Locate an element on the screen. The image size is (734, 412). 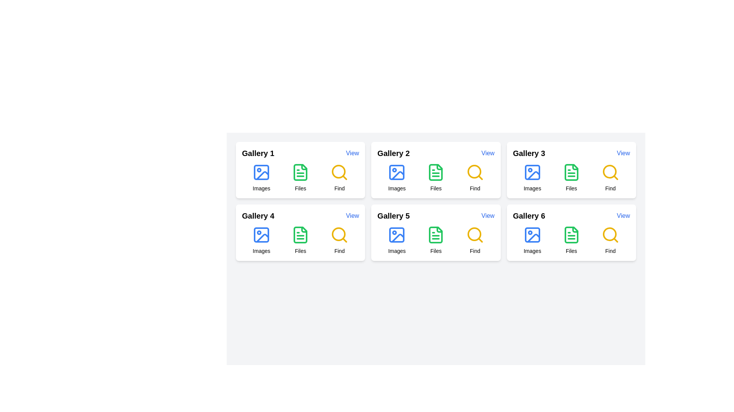
the Icon with label representing files, located in the second position between the 'Images' and 'Find' icons in the 'Gallery 3' group is located at coordinates (571, 178).